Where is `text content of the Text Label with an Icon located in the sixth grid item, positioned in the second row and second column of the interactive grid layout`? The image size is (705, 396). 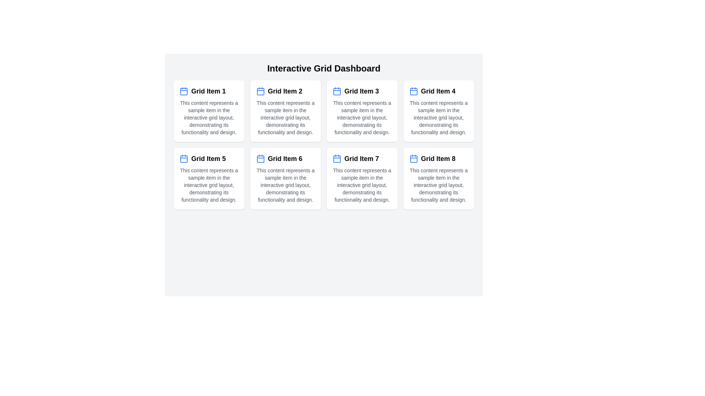
text content of the Text Label with an Icon located in the sixth grid item, positioned in the second row and second column of the interactive grid layout is located at coordinates (285, 158).